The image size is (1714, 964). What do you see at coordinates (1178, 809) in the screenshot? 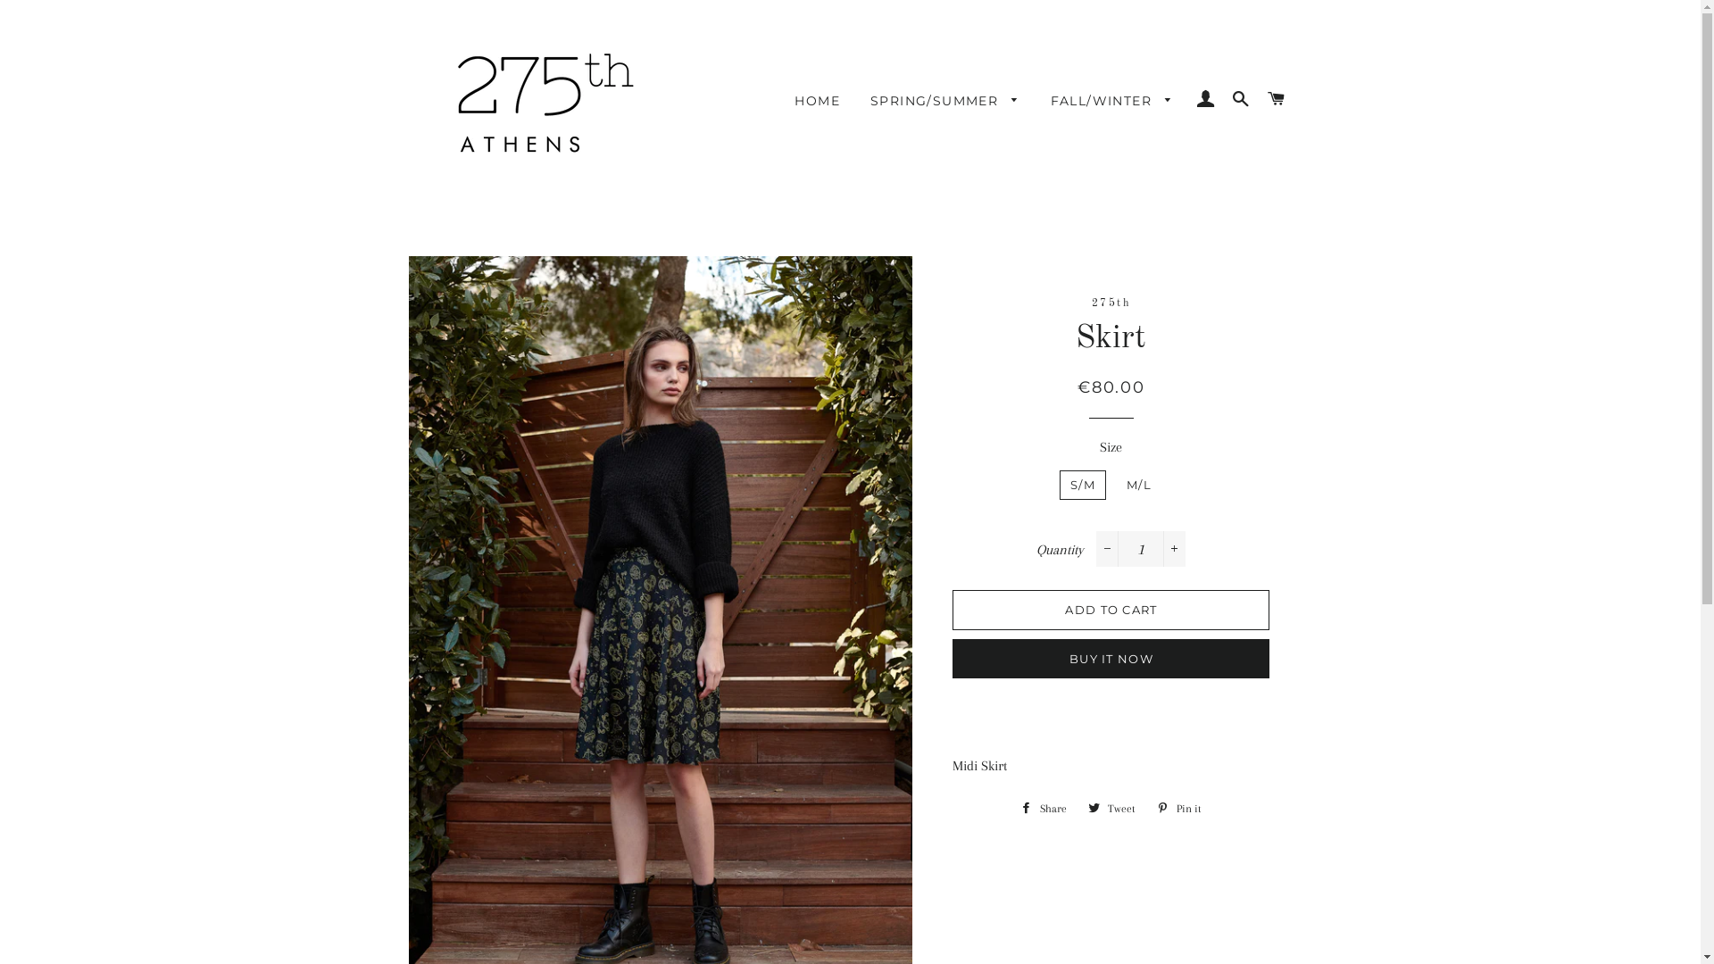
I see `'Pin it` at bounding box center [1178, 809].